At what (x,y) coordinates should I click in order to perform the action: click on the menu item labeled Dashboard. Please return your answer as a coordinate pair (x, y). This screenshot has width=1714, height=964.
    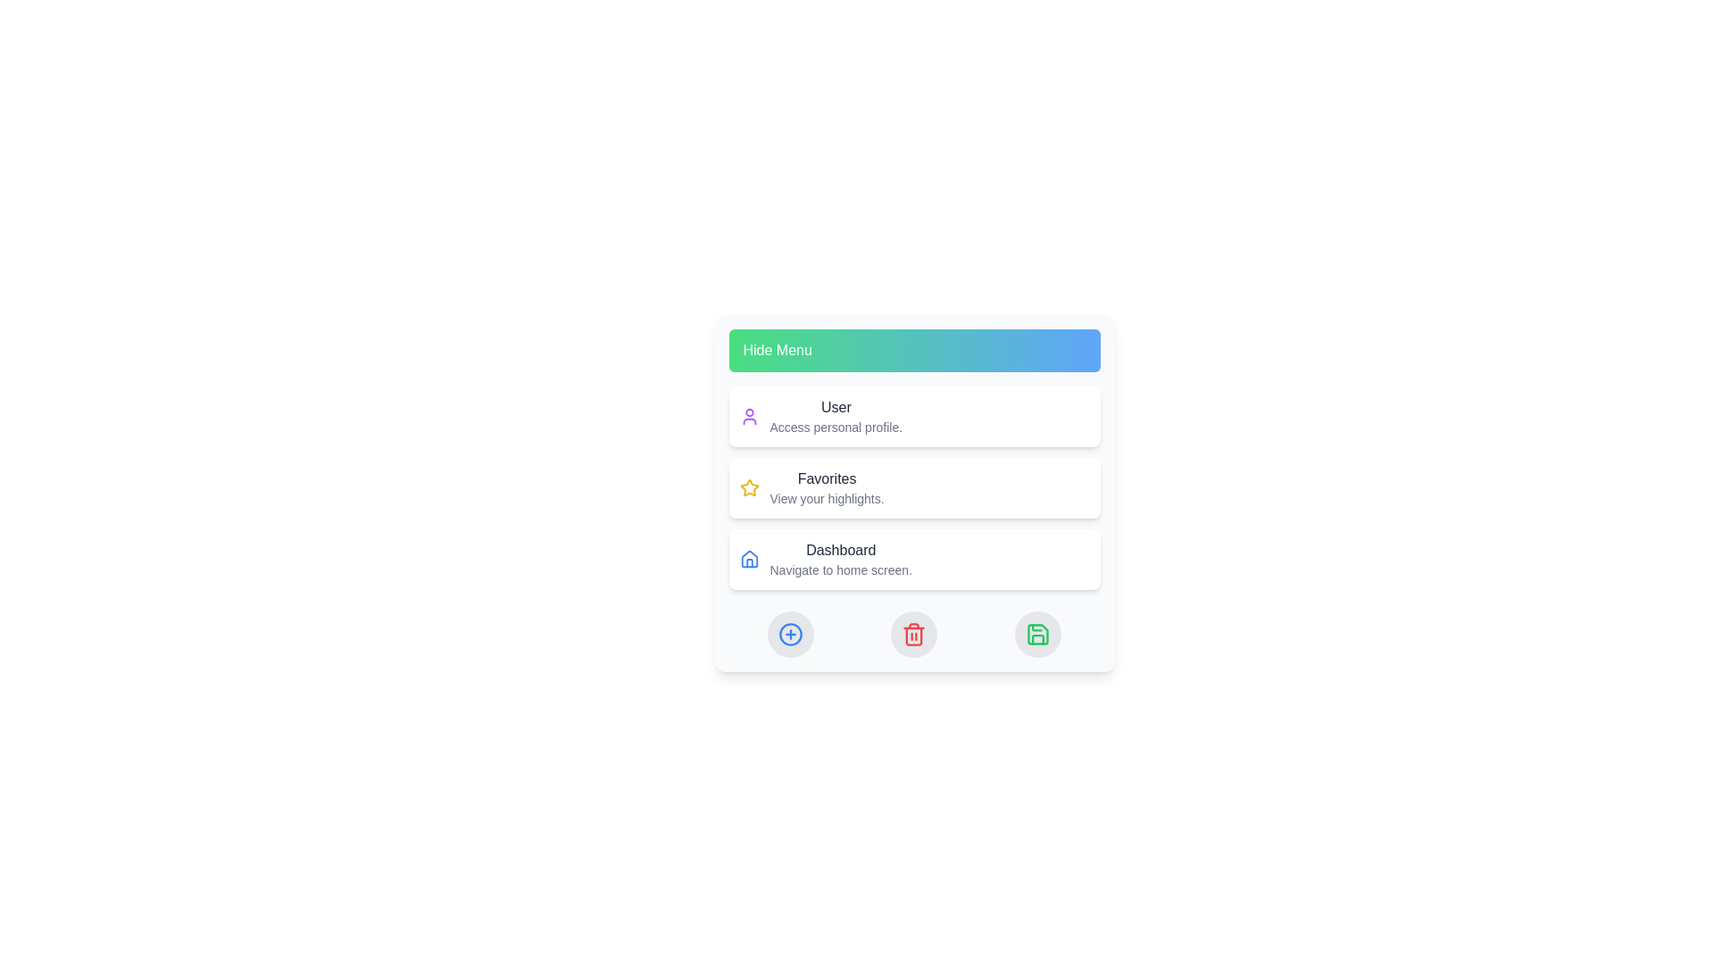
    Looking at the image, I should click on (914, 559).